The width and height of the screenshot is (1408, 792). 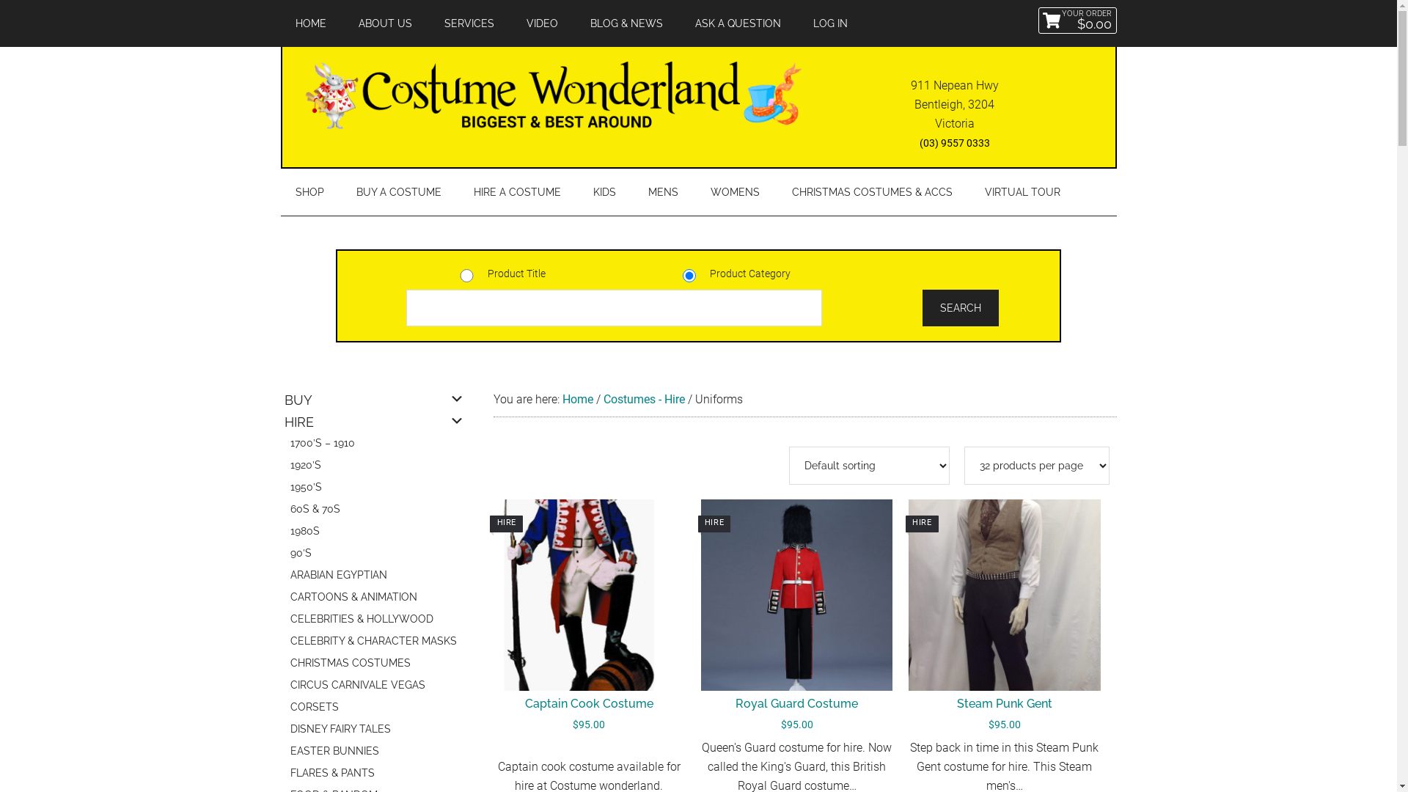 What do you see at coordinates (285, 687) in the screenshot?
I see `'CIRCUS CARNIVALE VEGAS'` at bounding box center [285, 687].